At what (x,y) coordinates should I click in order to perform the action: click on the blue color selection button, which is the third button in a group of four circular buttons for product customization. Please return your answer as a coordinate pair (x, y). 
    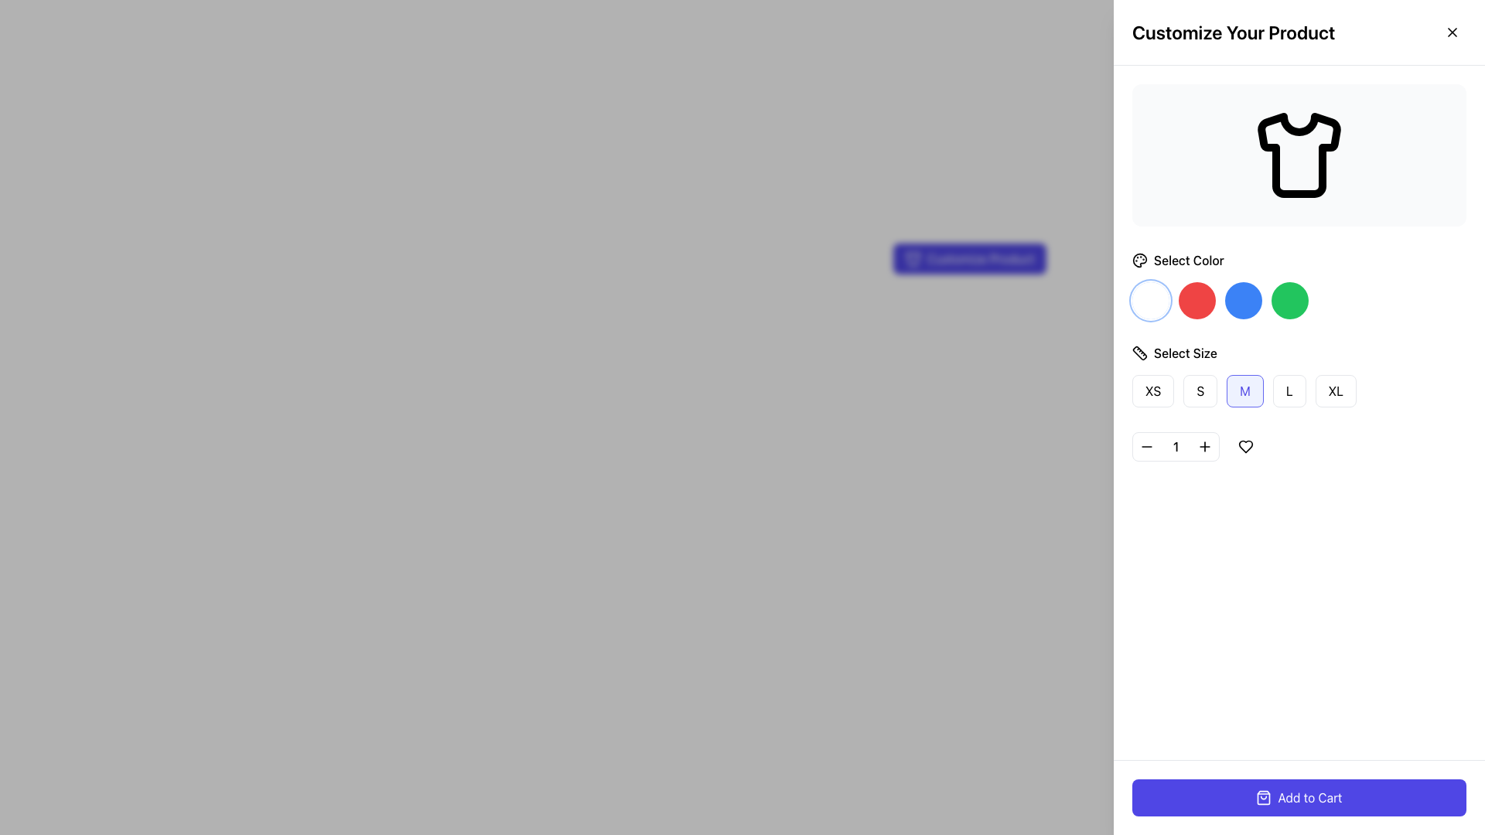
    Looking at the image, I should click on (1244, 301).